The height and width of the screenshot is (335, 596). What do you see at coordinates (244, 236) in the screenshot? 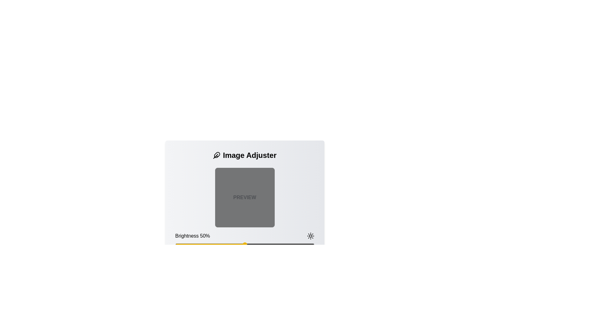
I see `the 'Brightness 50%' label with a sun icon located in the 'Image Adjuster' panel, which is positioned below the preview section and above the brightness slider` at bounding box center [244, 236].